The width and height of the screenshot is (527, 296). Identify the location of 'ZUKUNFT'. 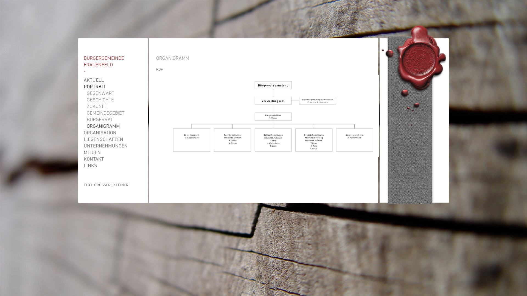
(78, 106).